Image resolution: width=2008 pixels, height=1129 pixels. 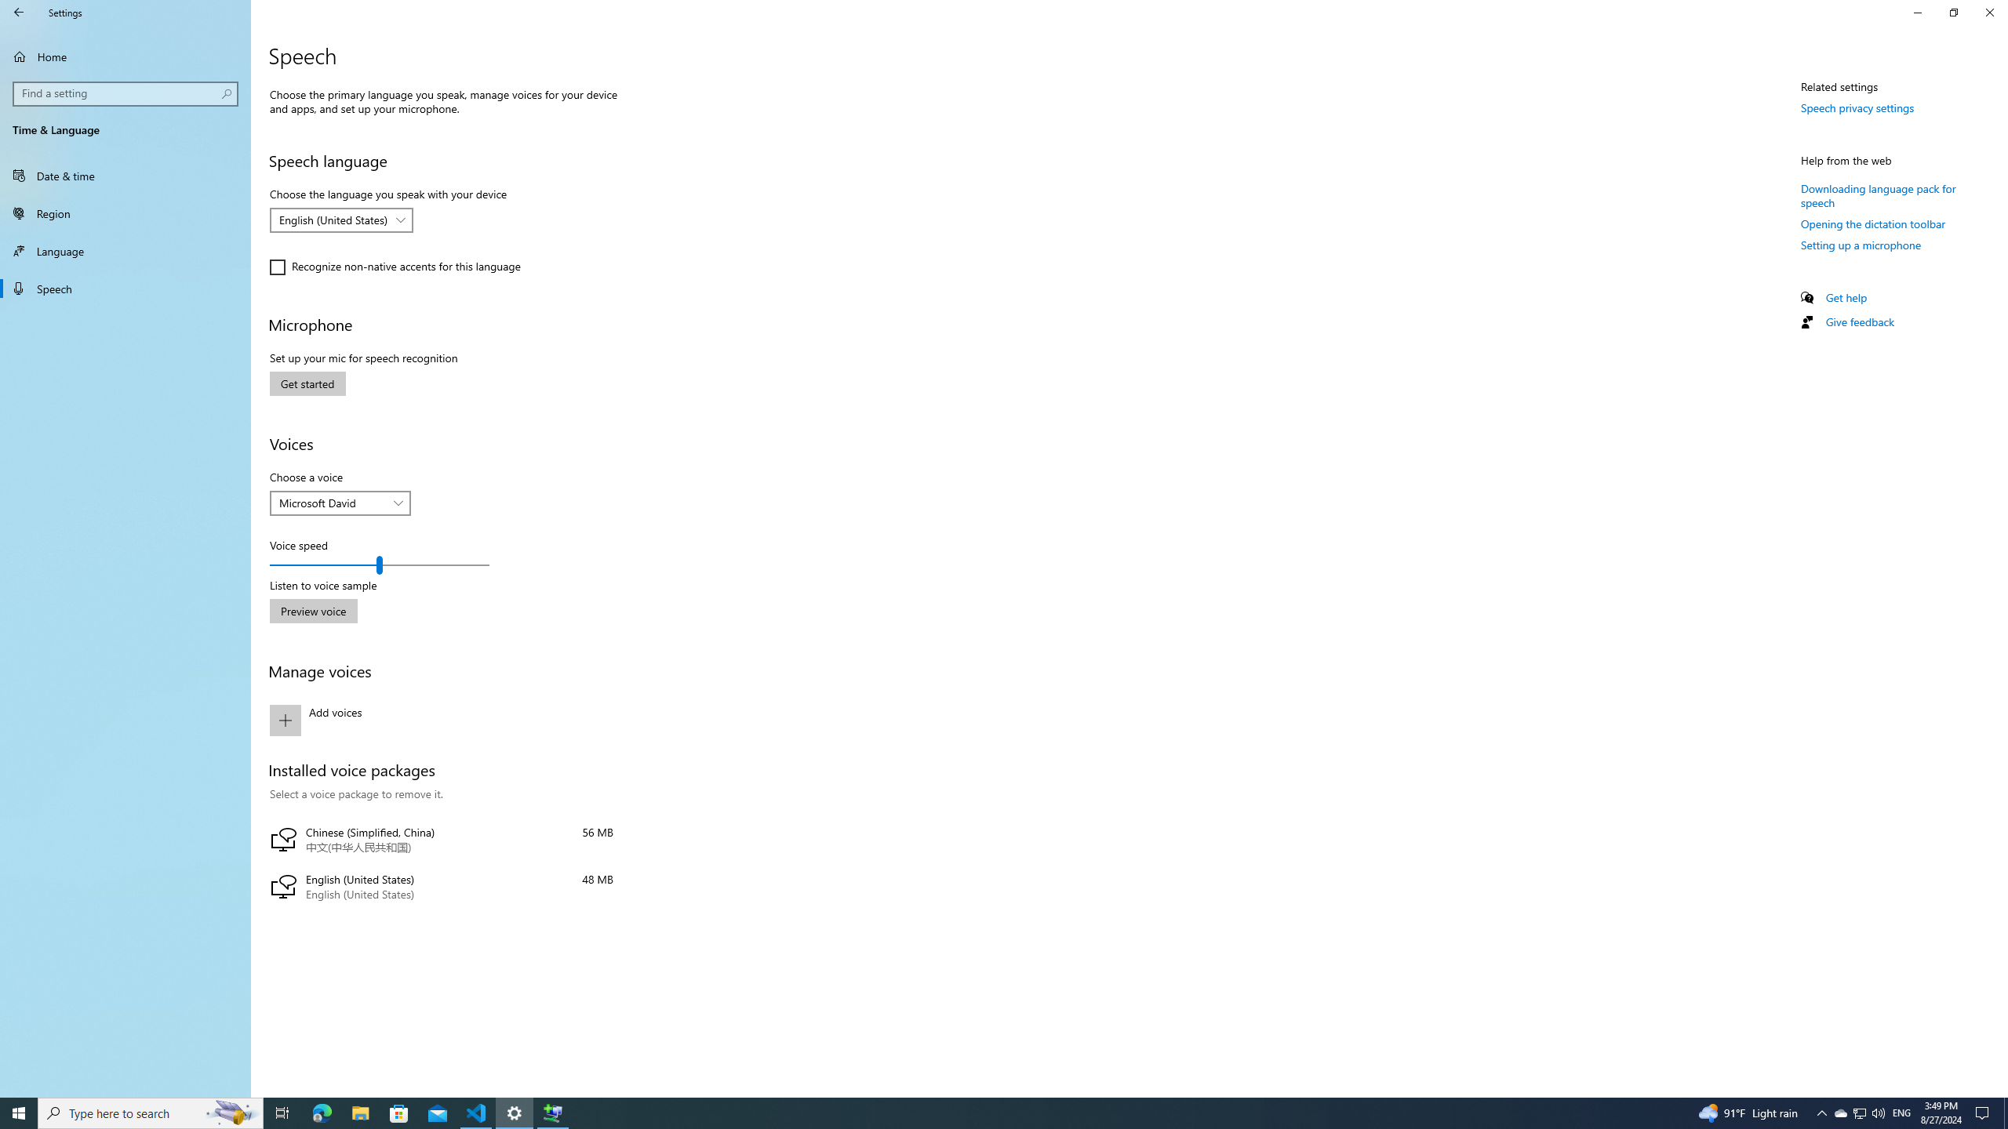 I want to click on 'Type here to search', so click(x=150, y=1112).